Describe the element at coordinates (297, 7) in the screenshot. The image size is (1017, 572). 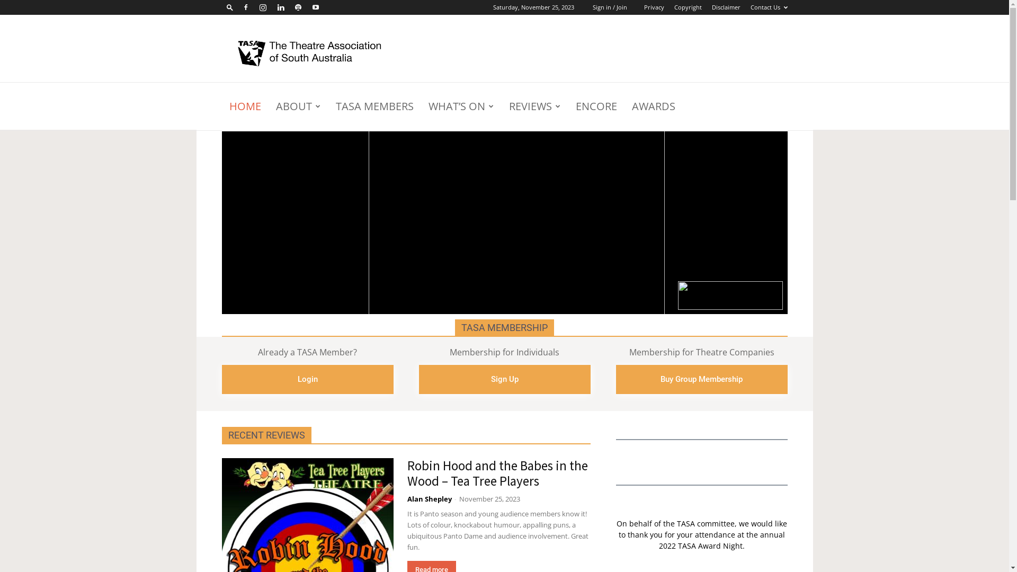
I see `'Spotify'` at that location.